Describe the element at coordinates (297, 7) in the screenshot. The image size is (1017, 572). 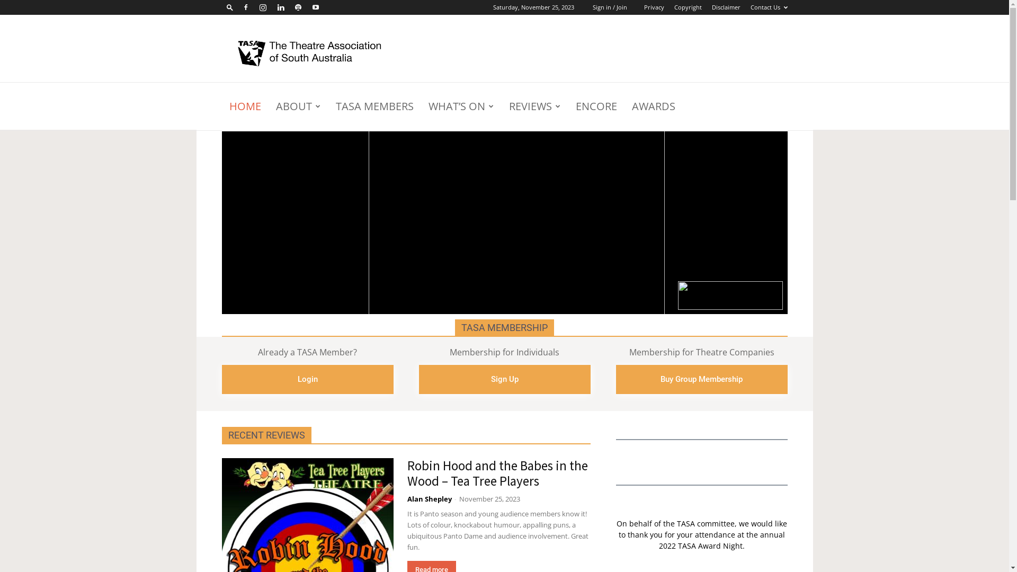
I see `'Spotify'` at that location.